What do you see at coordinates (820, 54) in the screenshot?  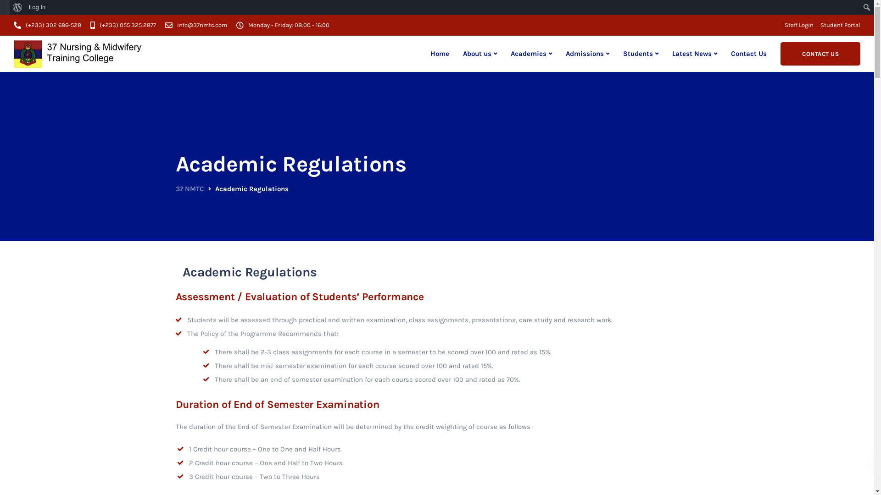 I see `'CONTACT US'` at bounding box center [820, 54].